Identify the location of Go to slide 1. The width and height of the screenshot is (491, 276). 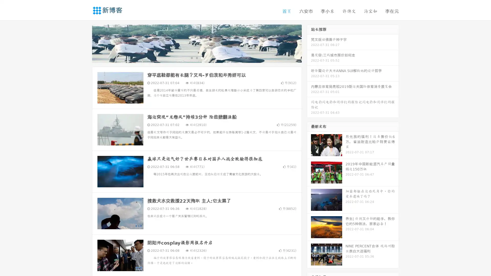
(191, 57).